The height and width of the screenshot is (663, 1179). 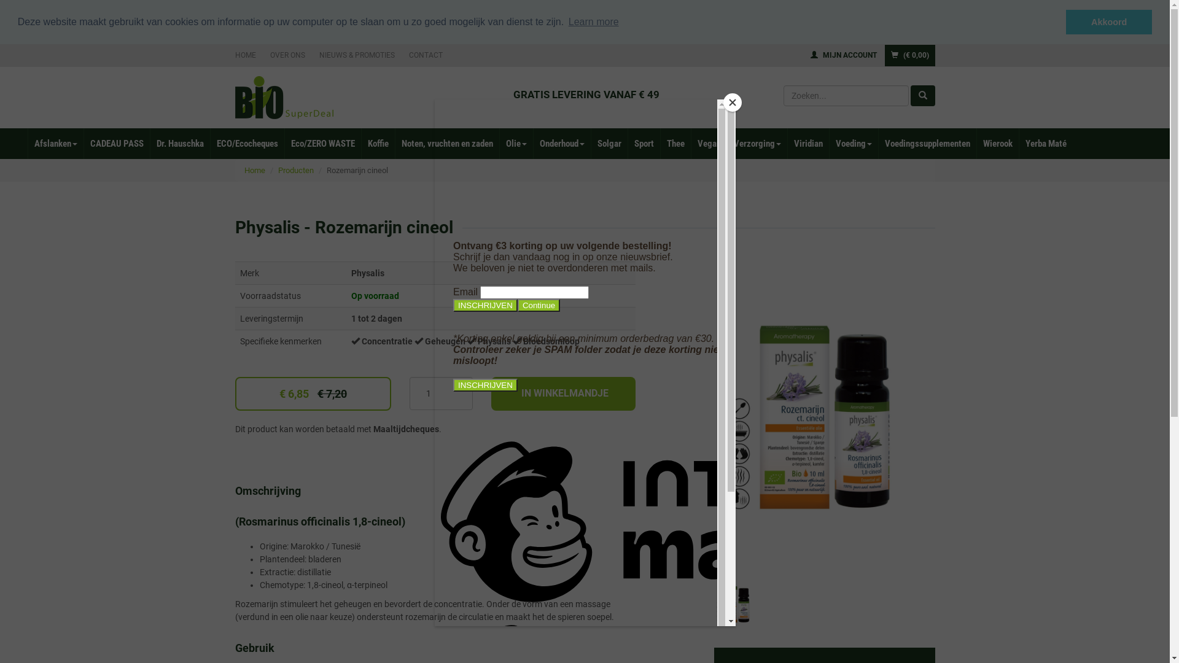 I want to click on 'ECO/Ecocheques', so click(x=246, y=142).